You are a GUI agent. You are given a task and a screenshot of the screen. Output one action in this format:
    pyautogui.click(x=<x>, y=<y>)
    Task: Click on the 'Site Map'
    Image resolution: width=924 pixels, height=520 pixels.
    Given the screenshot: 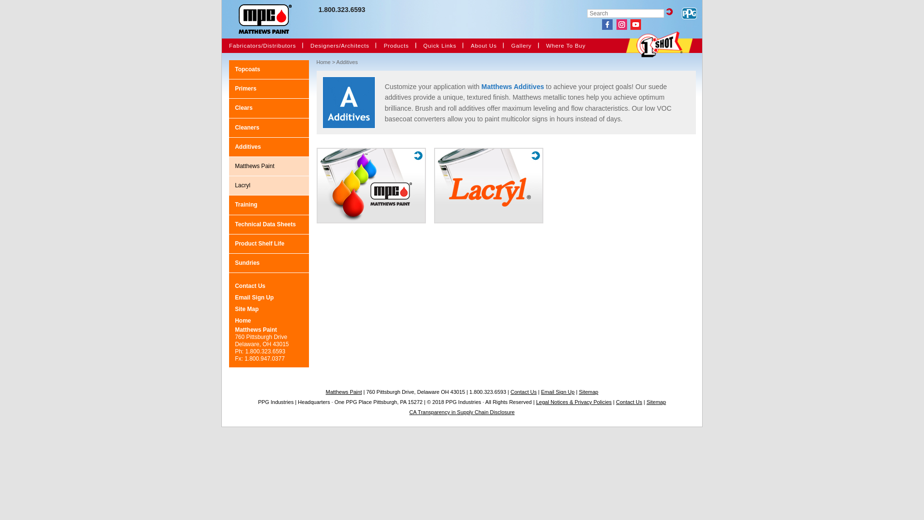 What is the action you would take?
    pyautogui.click(x=246, y=309)
    